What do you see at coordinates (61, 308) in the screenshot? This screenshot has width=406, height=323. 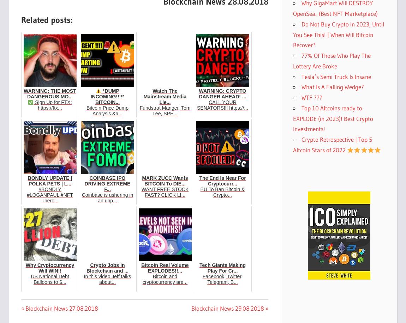 I see `'Blockchain News 27.08.2018'` at bounding box center [61, 308].